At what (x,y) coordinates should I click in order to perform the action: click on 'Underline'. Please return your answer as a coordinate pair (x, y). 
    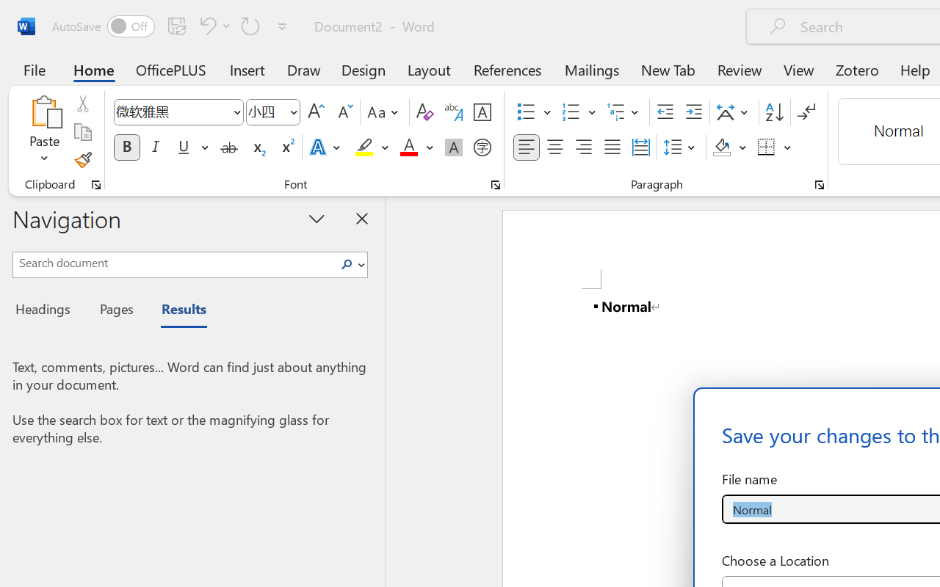
    Looking at the image, I should click on (191, 147).